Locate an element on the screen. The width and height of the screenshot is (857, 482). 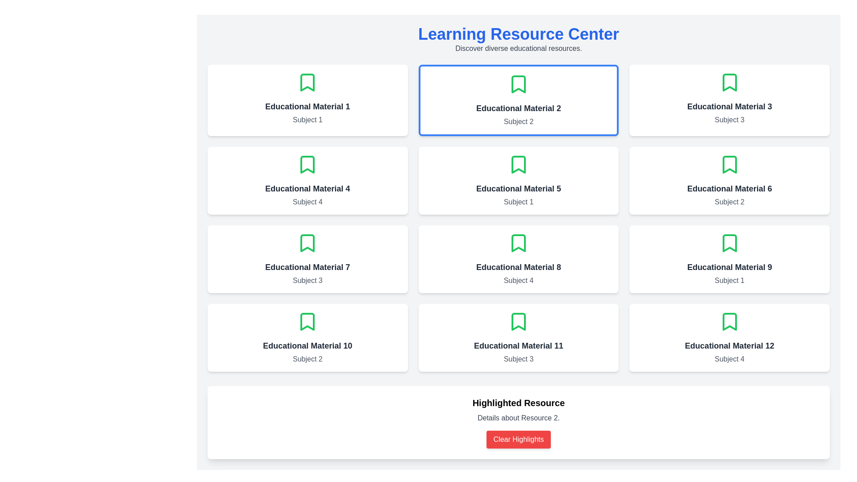
the bookmark icon located at the top of the 'Educational Material 7' card in the third row, first column of the grid layout is located at coordinates (308, 243).